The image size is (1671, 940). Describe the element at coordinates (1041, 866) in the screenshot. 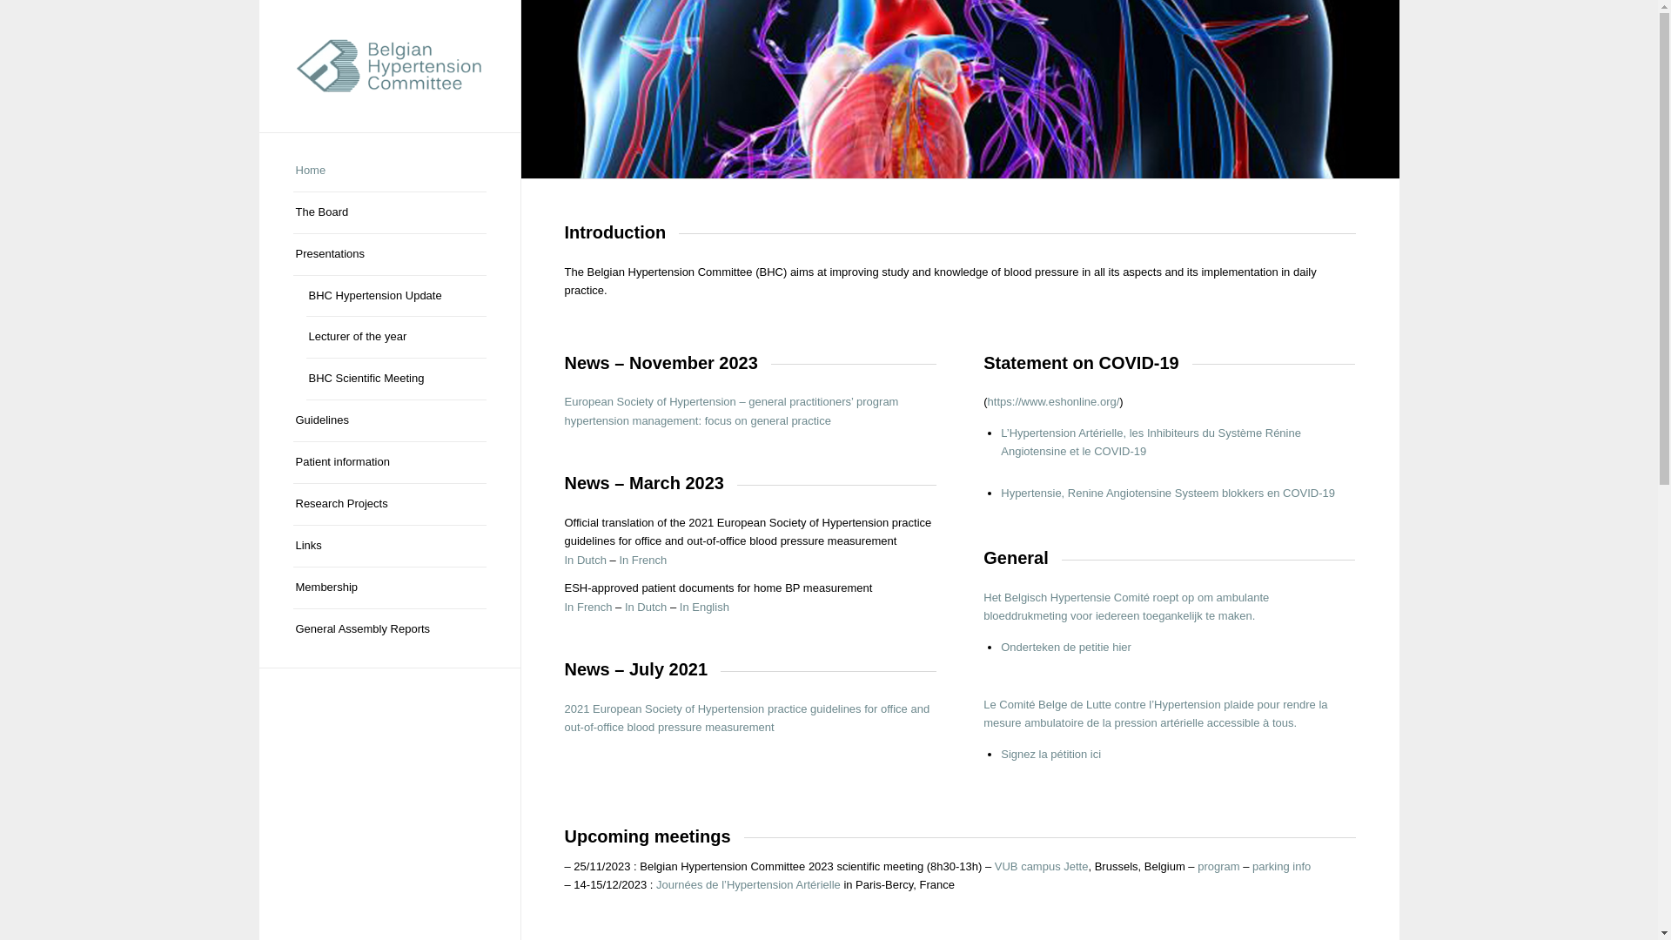

I see `'VUB campus Jette'` at that location.